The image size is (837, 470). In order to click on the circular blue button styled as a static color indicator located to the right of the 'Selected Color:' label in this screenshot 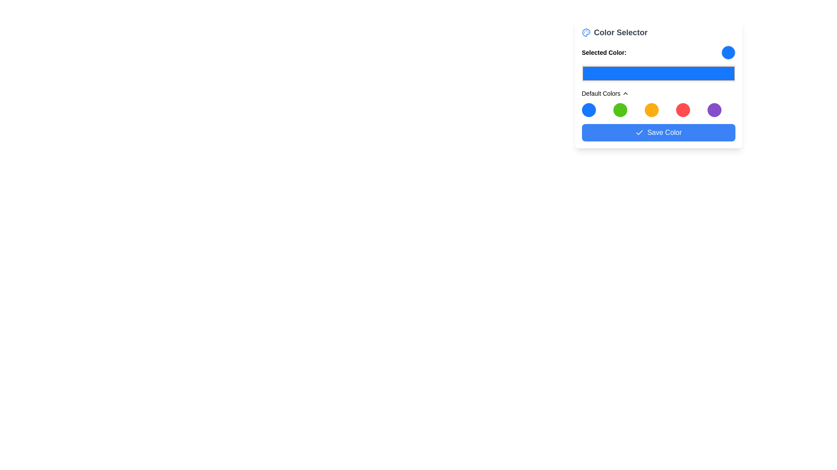, I will do `click(728, 52)`.